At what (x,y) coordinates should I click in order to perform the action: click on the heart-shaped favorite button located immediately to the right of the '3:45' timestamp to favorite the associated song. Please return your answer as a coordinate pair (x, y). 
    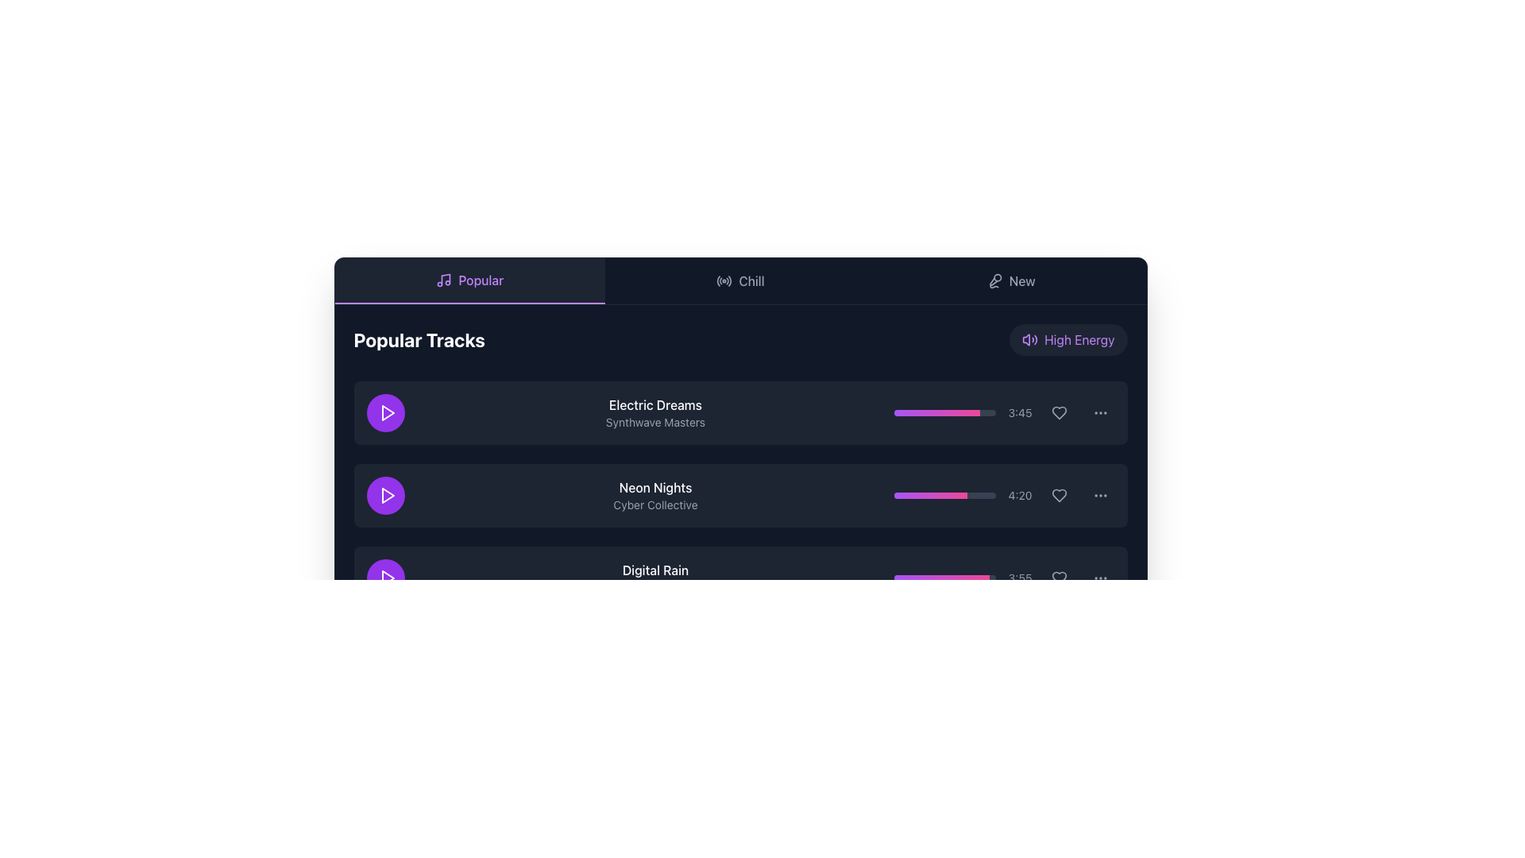
    Looking at the image, I should click on (1059, 412).